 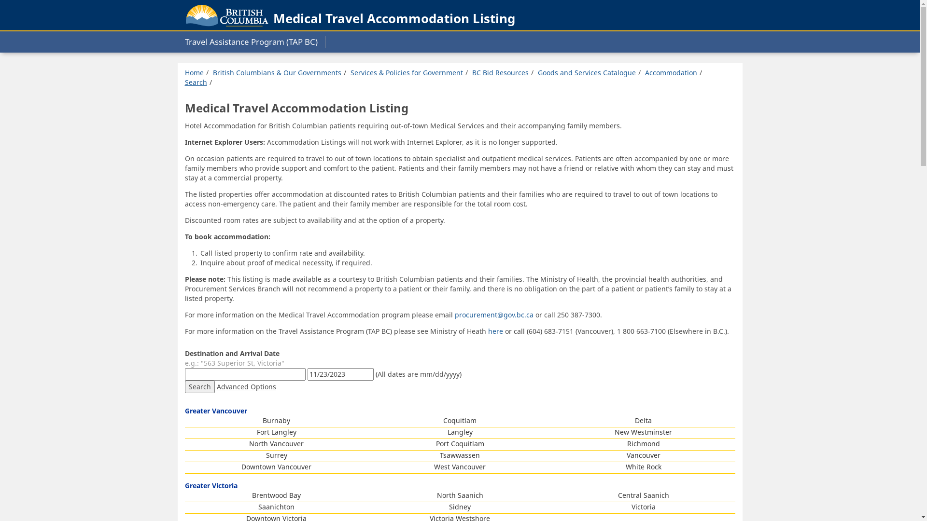 I want to click on 'Sidney', so click(x=459, y=506).